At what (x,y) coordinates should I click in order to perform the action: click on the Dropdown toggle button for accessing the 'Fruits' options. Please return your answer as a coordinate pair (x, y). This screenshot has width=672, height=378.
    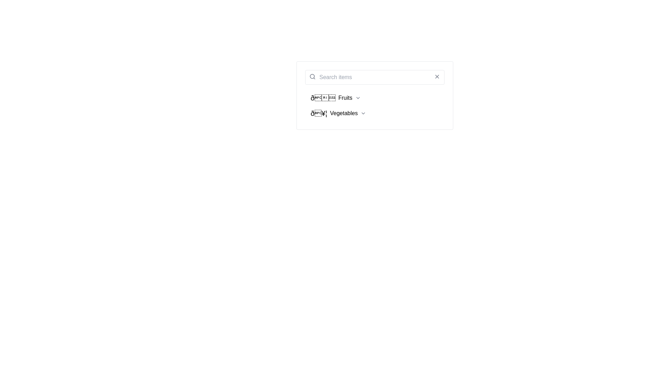
    Looking at the image, I should click on (374, 98).